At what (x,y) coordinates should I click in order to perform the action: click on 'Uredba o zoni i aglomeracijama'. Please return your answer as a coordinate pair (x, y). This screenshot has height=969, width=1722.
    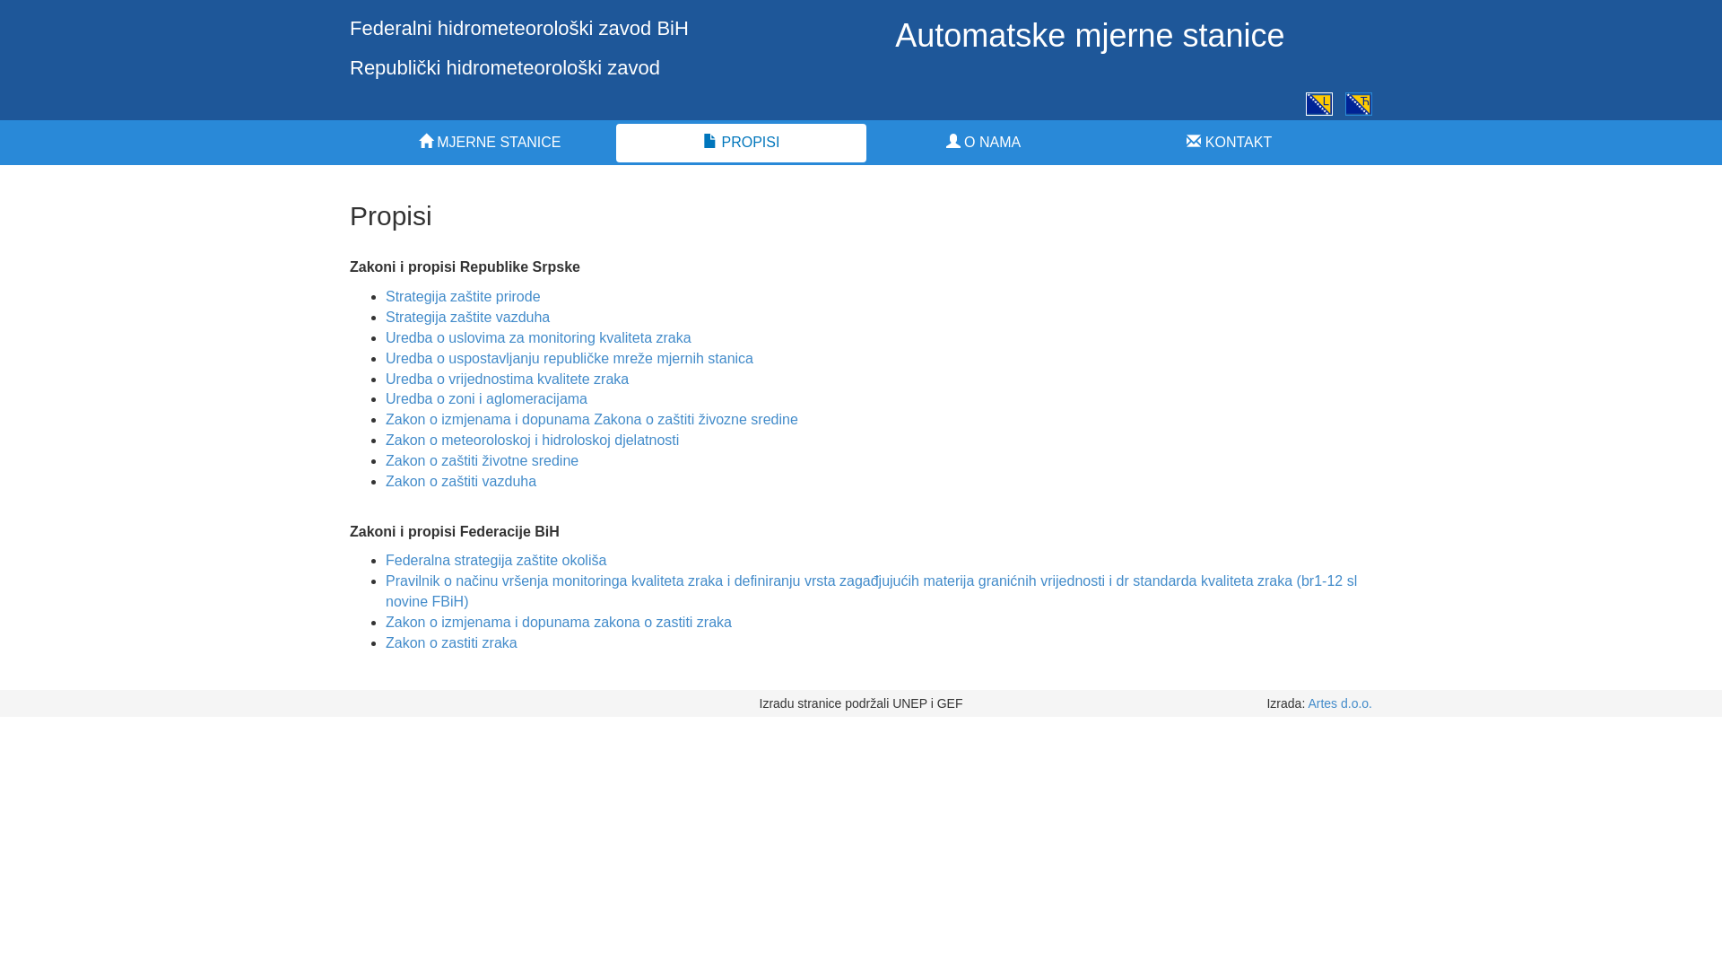
    Looking at the image, I should click on (385, 397).